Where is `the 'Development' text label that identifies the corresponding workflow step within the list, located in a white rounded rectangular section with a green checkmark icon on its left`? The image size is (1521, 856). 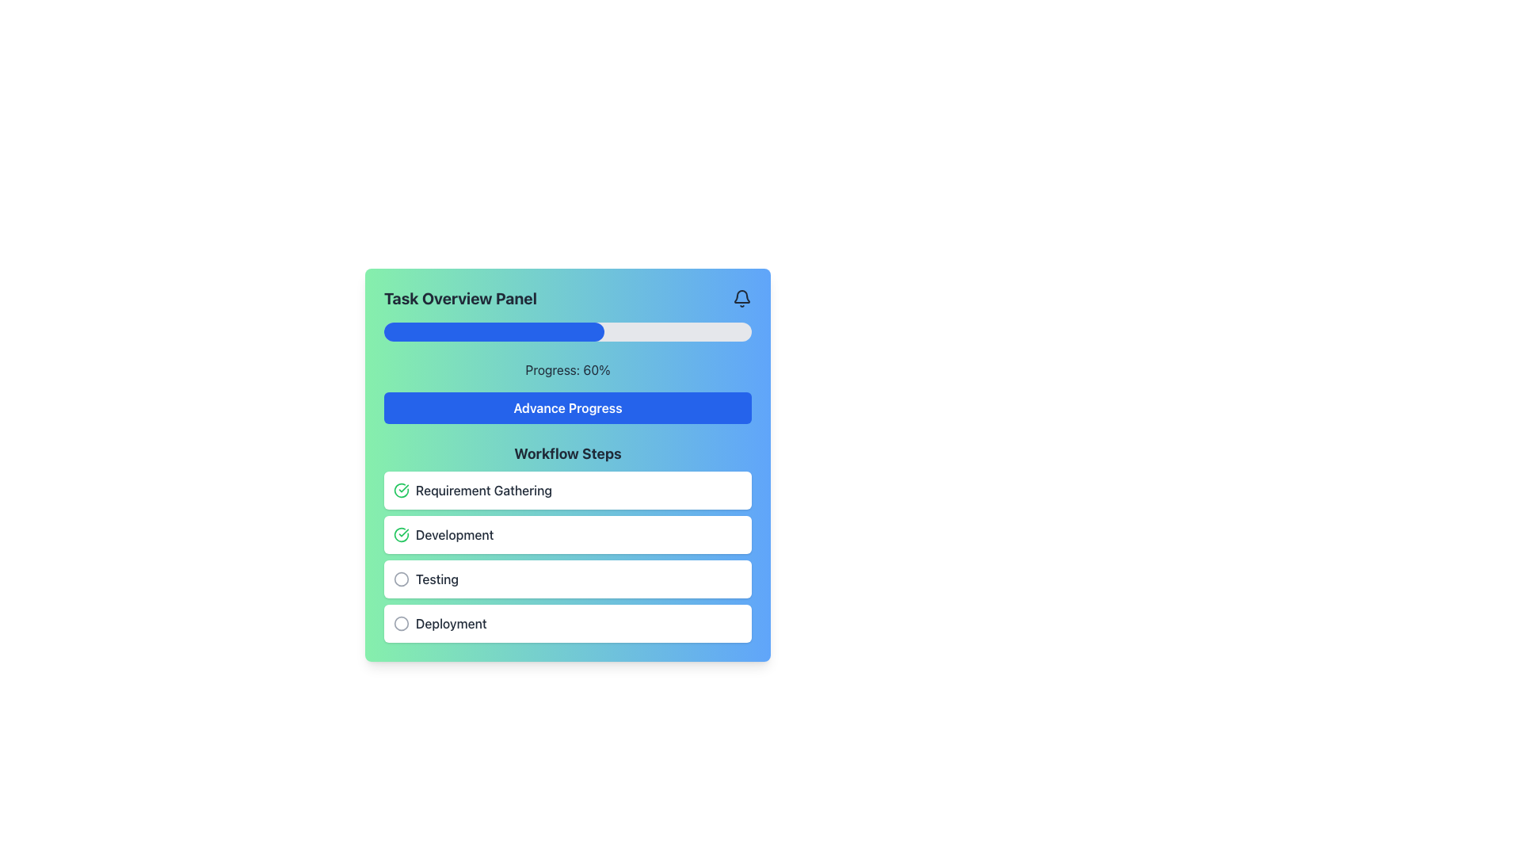 the 'Development' text label that identifies the corresponding workflow step within the list, located in a white rounded rectangular section with a green checkmark icon on its left is located at coordinates (454, 535).